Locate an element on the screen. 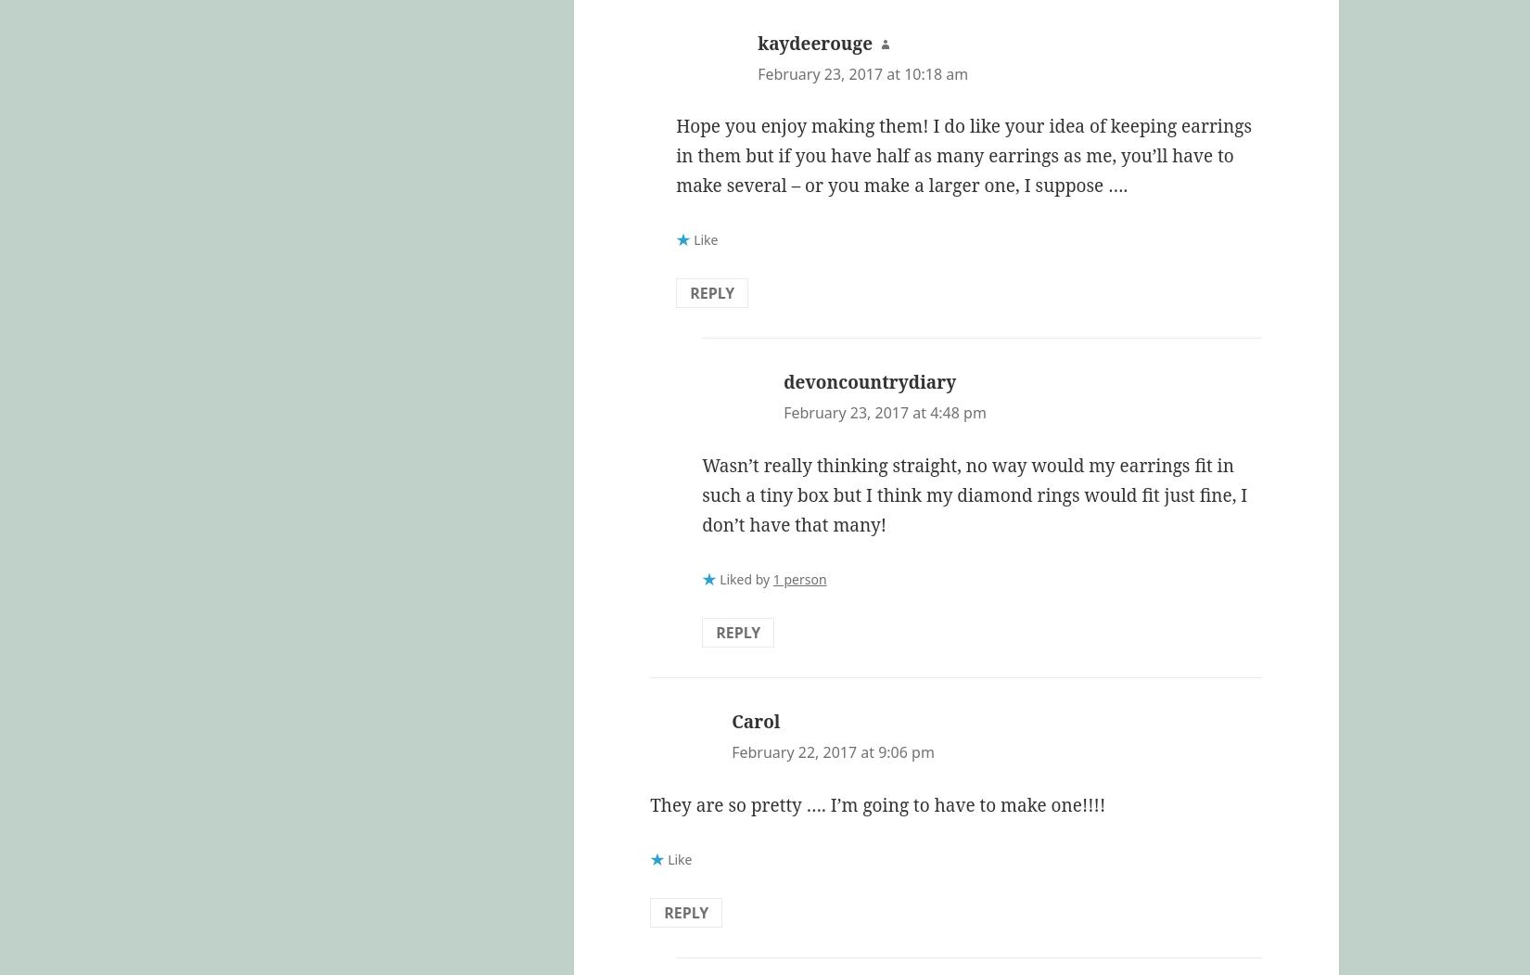 The image size is (1530, 975). 'devoncountrydiary' is located at coordinates (783, 381).